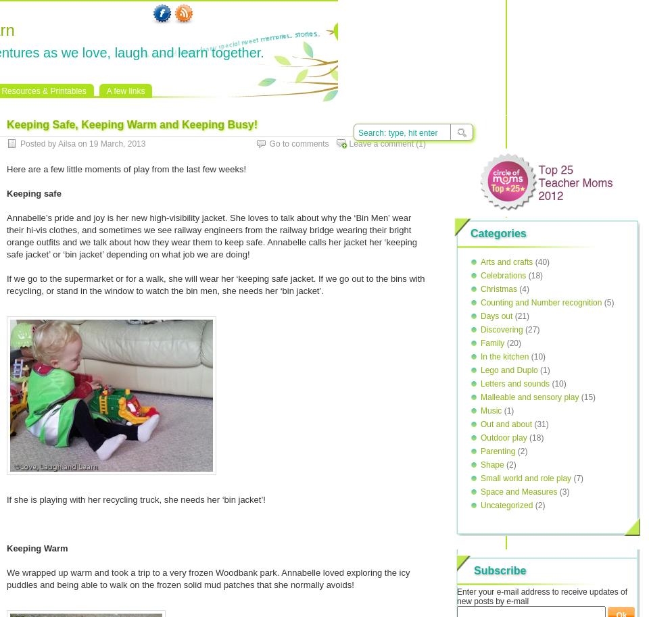 The height and width of the screenshot is (617, 649). What do you see at coordinates (529, 397) in the screenshot?
I see `'Malleable and sensory play'` at bounding box center [529, 397].